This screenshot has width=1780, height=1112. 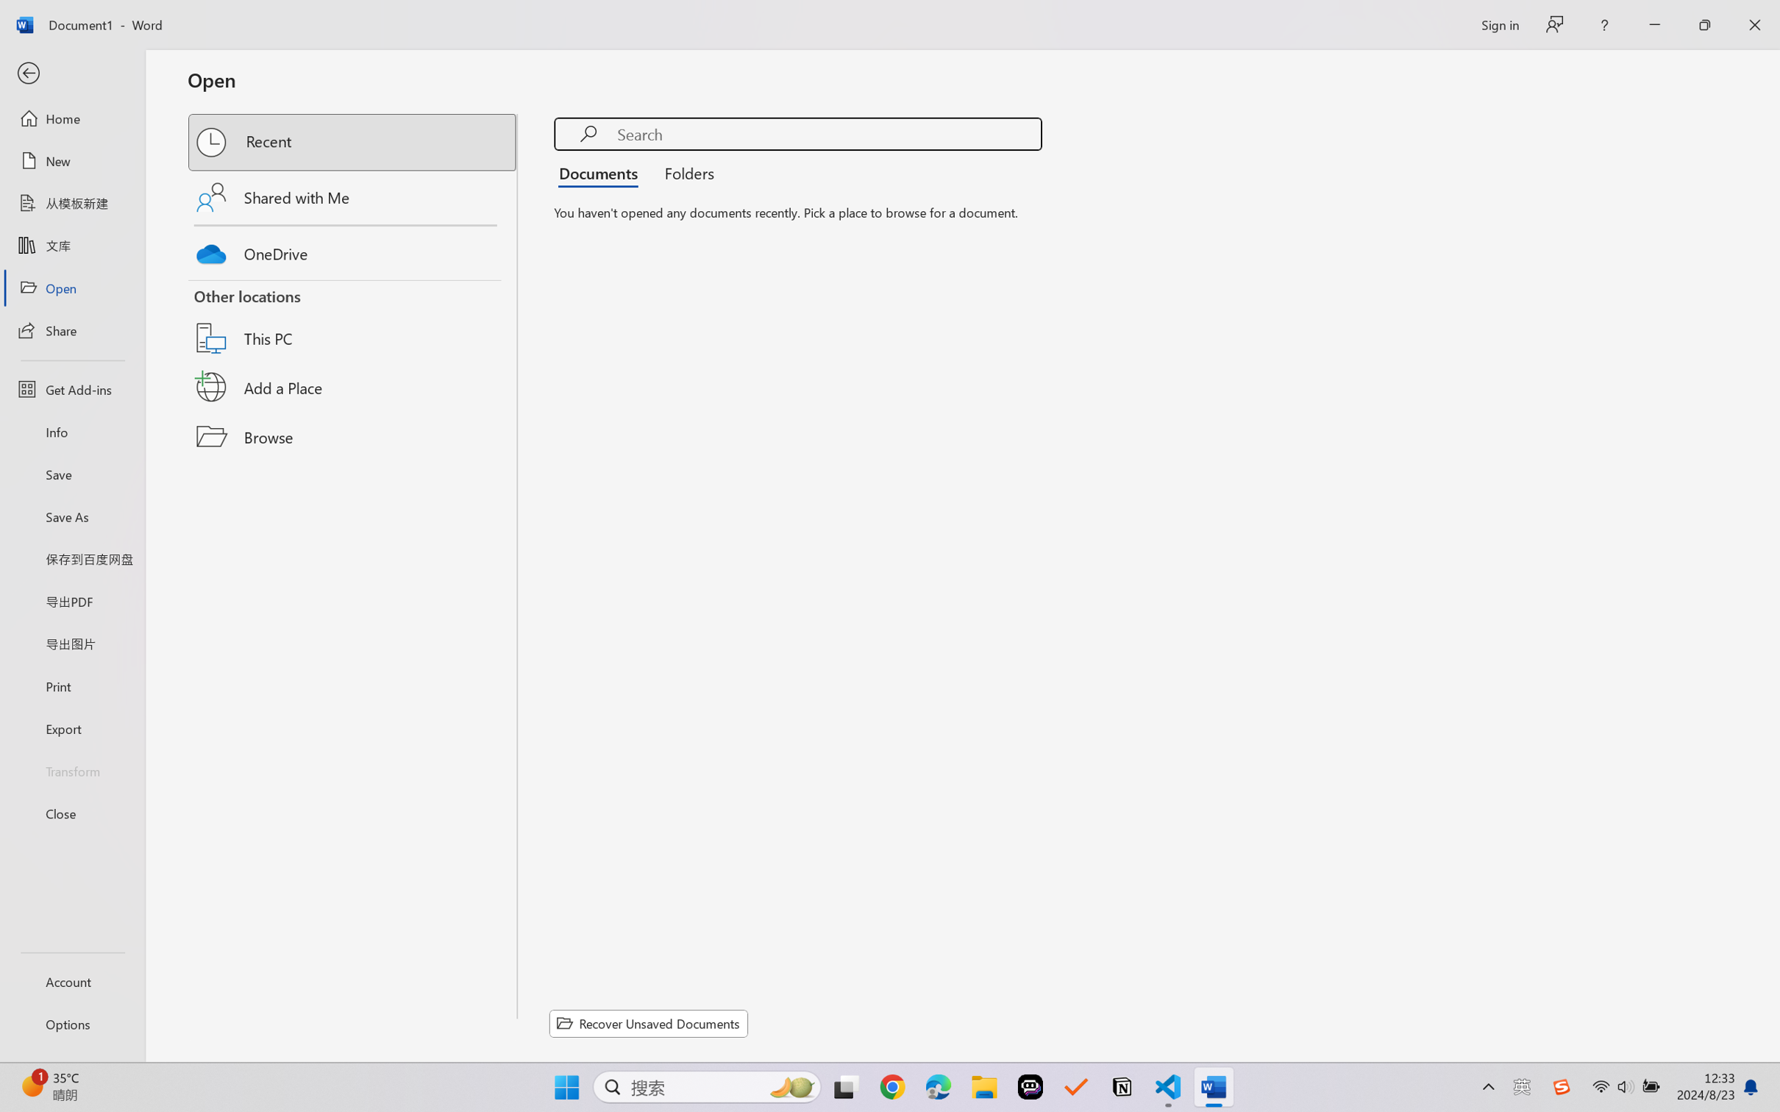 What do you see at coordinates (71, 516) in the screenshot?
I see `'Save As'` at bounding box center [71, 516].